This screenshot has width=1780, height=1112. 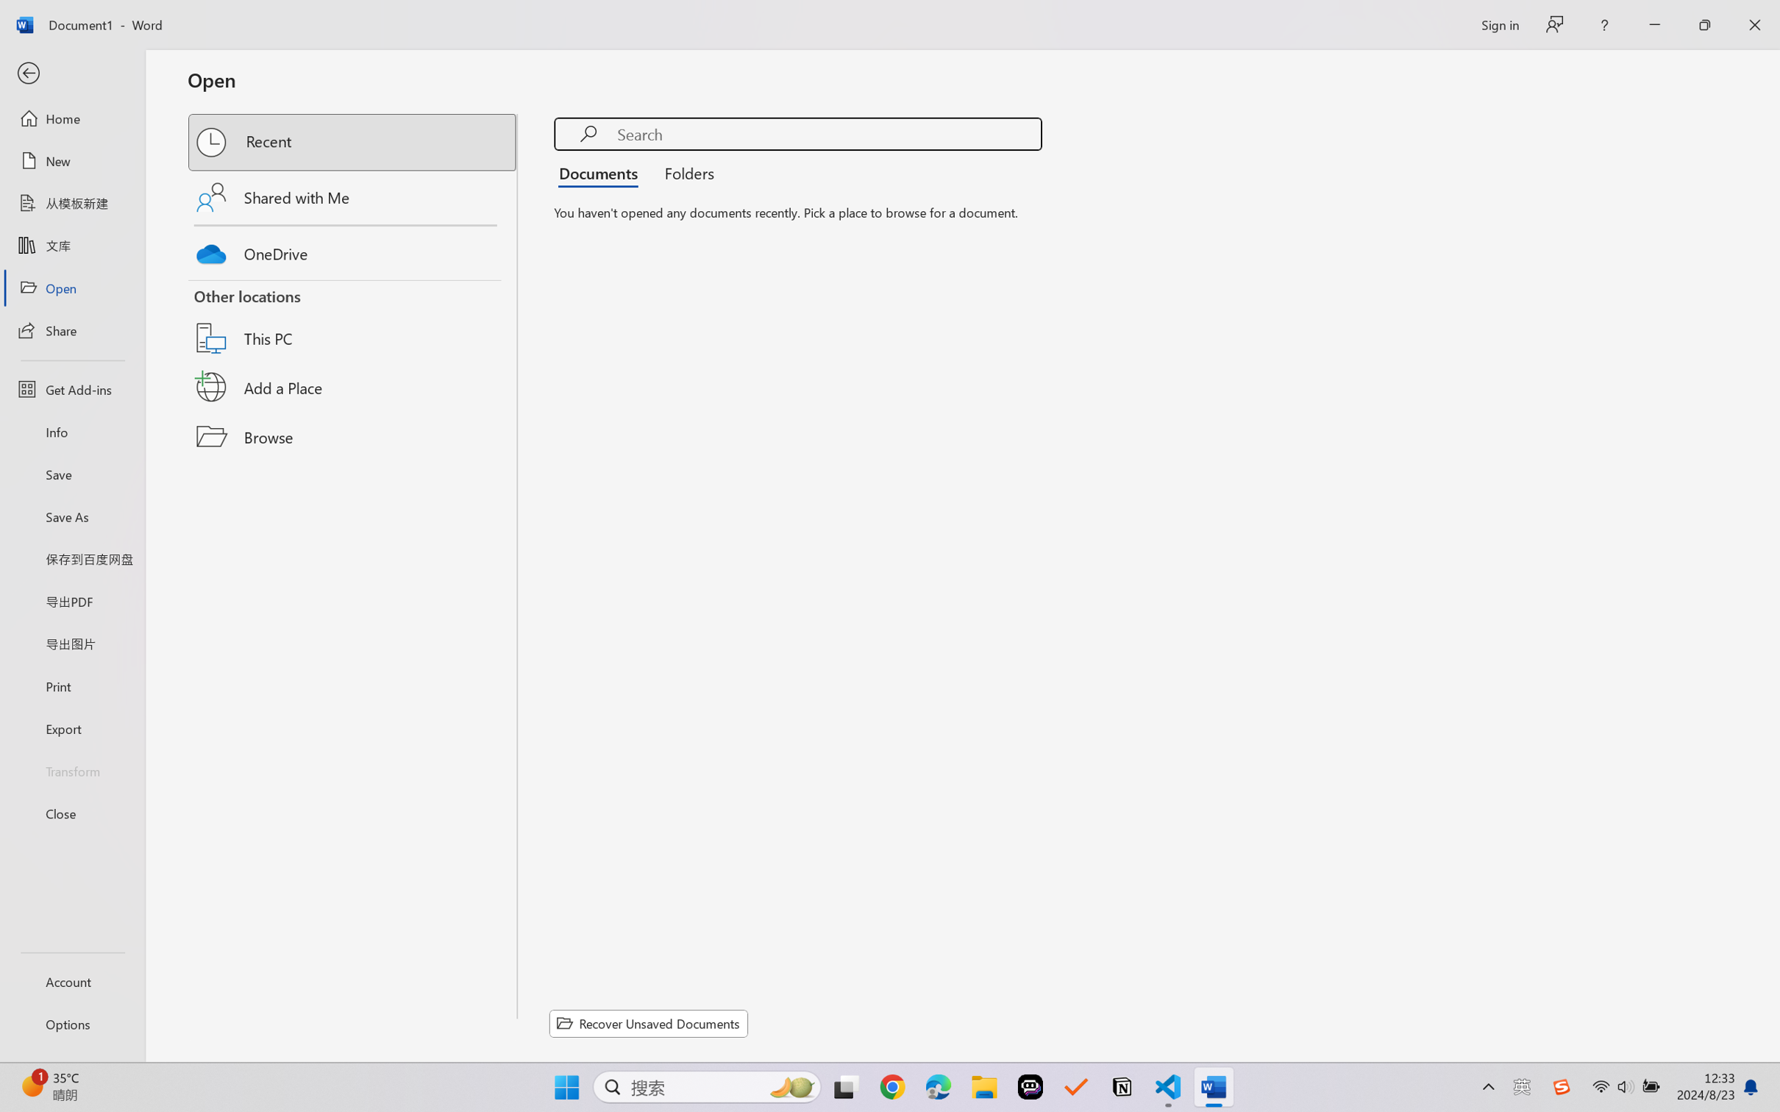 What do you see at coordinates (71, 516) in the screenshot?
I see `'Save As'` at bounding box center [71, 516].